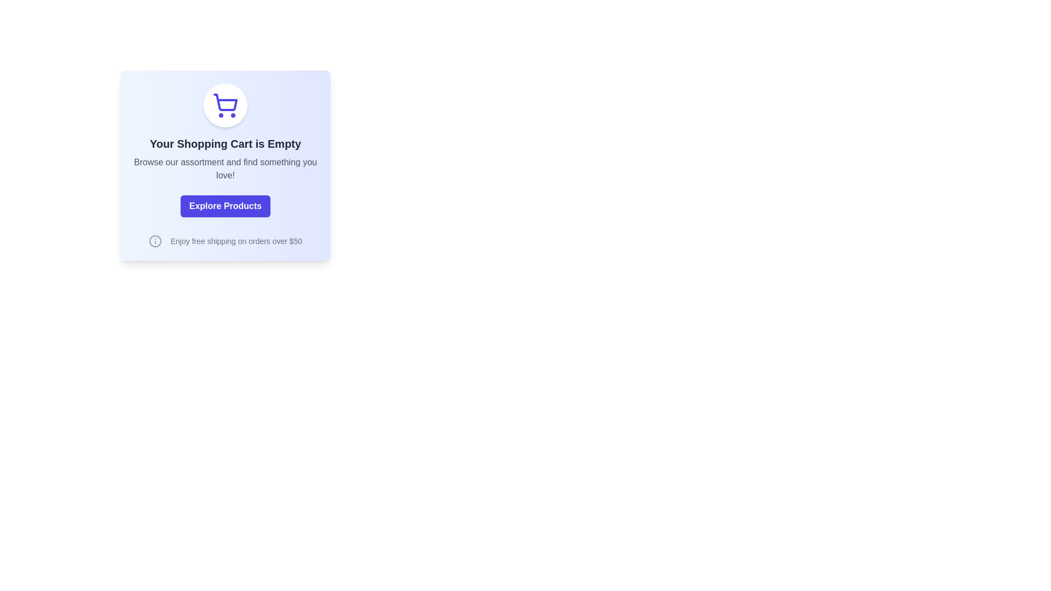 The height and width of the screenshot is (591, 1051). What do you see at coordinates (225, 105) in the screenshot?
I see `the shopping cart icon located at the top center of the modal above the heading 'Your Shopping Cart is Empty.'` at bounding box center [225, 105].